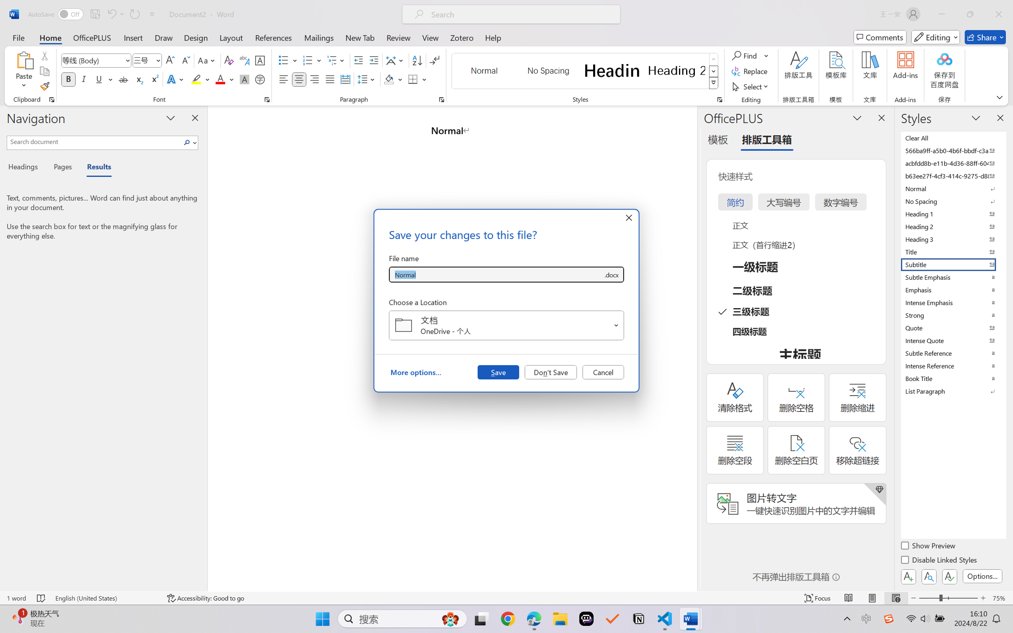 The image size is (1013, 633). What do you see at coordinates (952, 302) in the screenshot?
I see `'Intense Emphasis'` at bounding box center [952, 302].